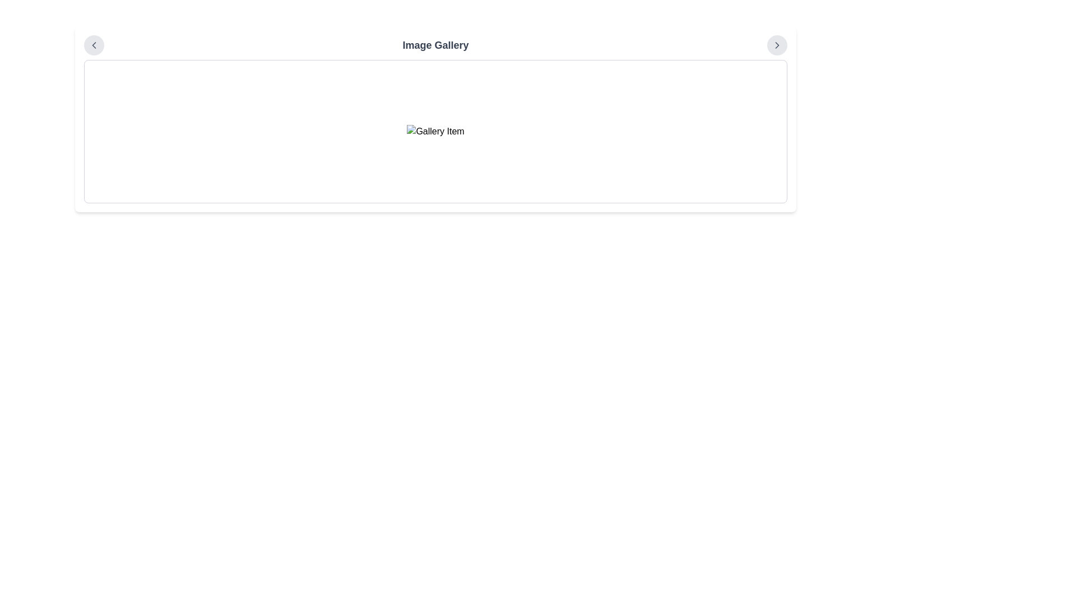 The width and height of the screenshot is (1076, 605). Describe the element at coordinates (435, 45) in the screenshot. I see `the Text Label that serves as the title or header for the image gallery section, located in the header with a white background and rounded corners` at that location.